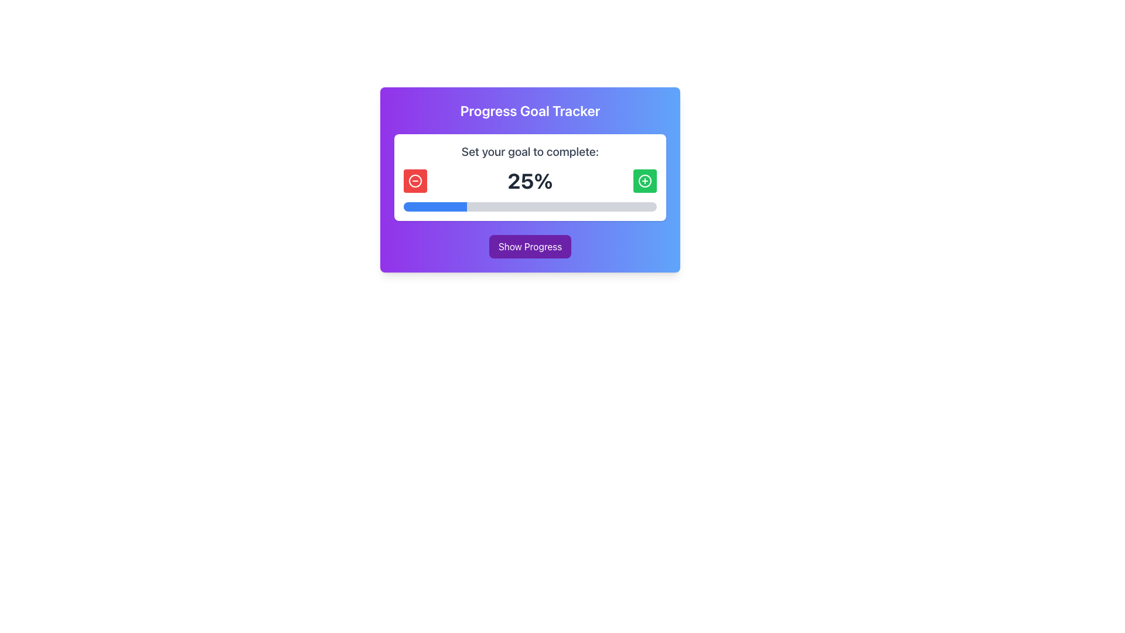  Describe the element at coordinates (530, 246) in the screenshot. I see `the 'Show Progress' button located at the bottom of the card interface, which has a strong purple background and white text` at that location.